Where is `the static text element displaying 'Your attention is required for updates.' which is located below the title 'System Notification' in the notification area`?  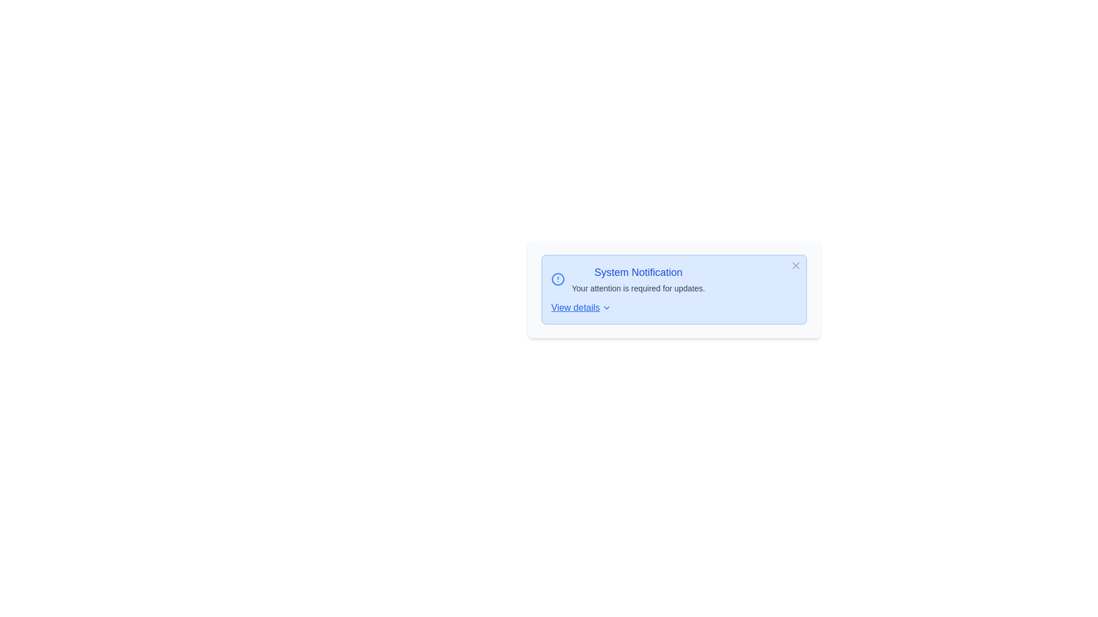 the static text element displaying 'Your attention is required for updates.' which is located below the title 'System Notification' in the notification area is located at coordinates (638, 288).